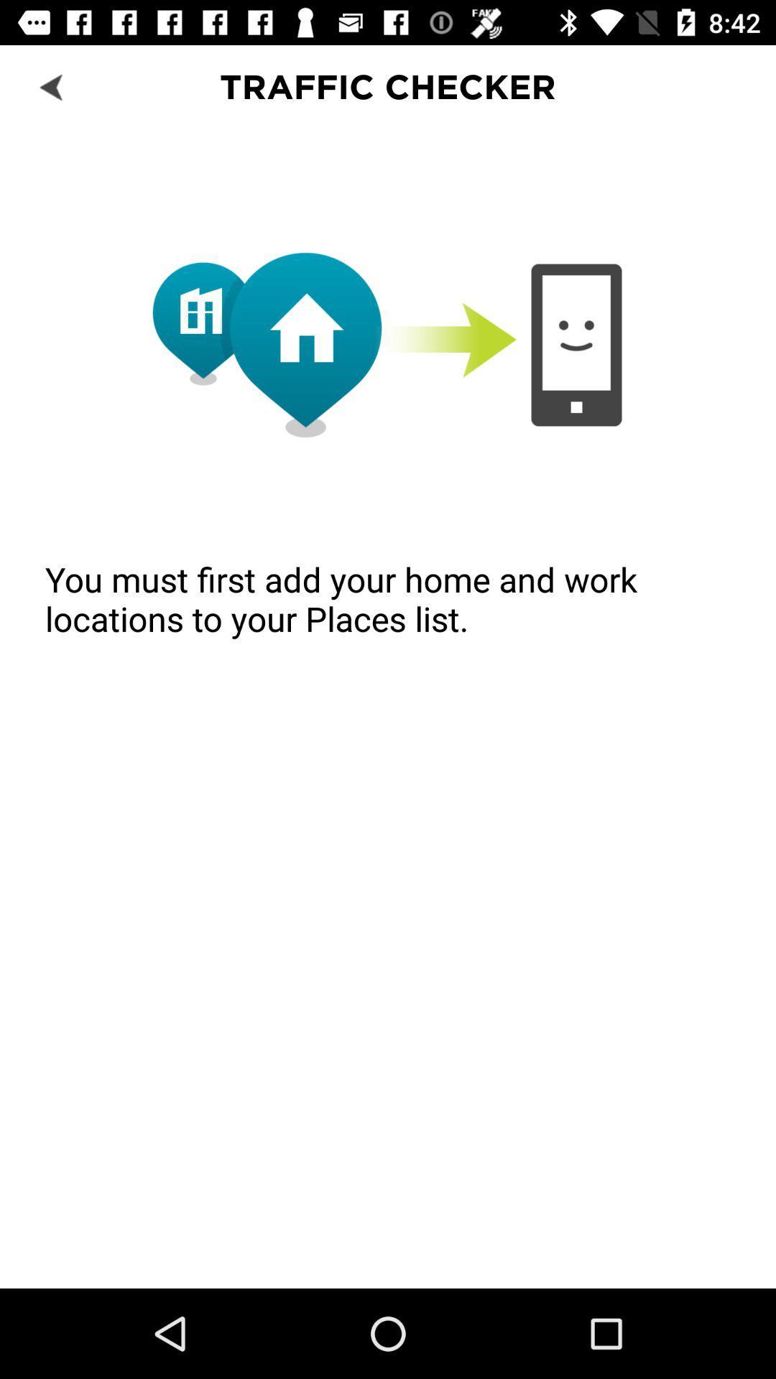 This screenshot has width=776, height=1379. Describe the element at coordinates (52, 85) in the screenshot. I see `the icon at the top left corner` at that location.